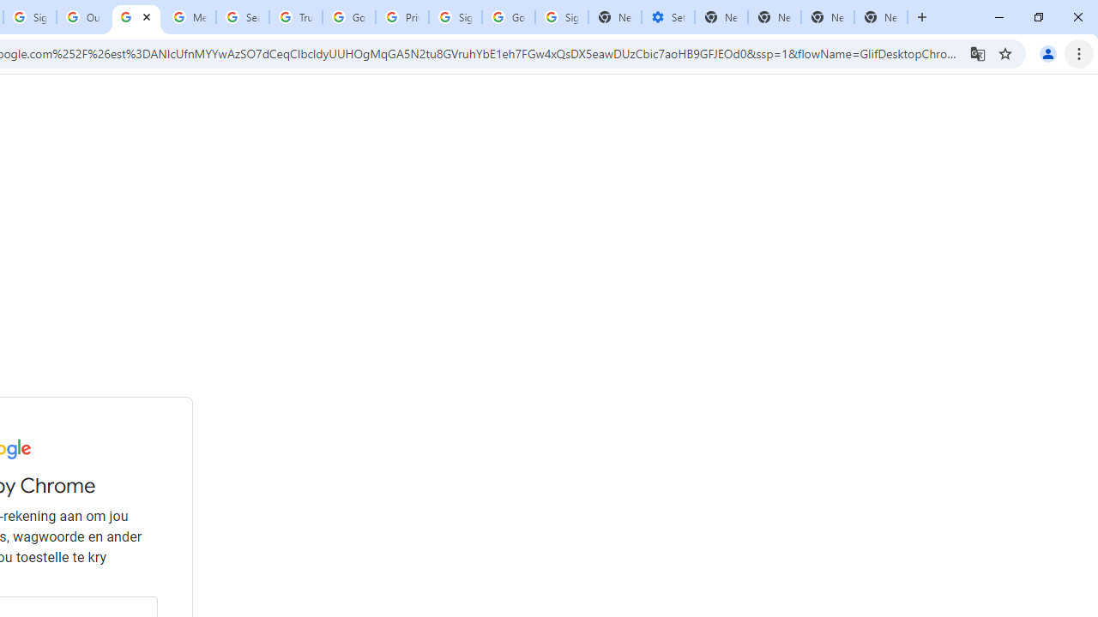 The width and height of the screenshot is (1098, 617). I want to click on 'Google Cybersecurity Innovations - Google Safety Center', so click(508, 17).